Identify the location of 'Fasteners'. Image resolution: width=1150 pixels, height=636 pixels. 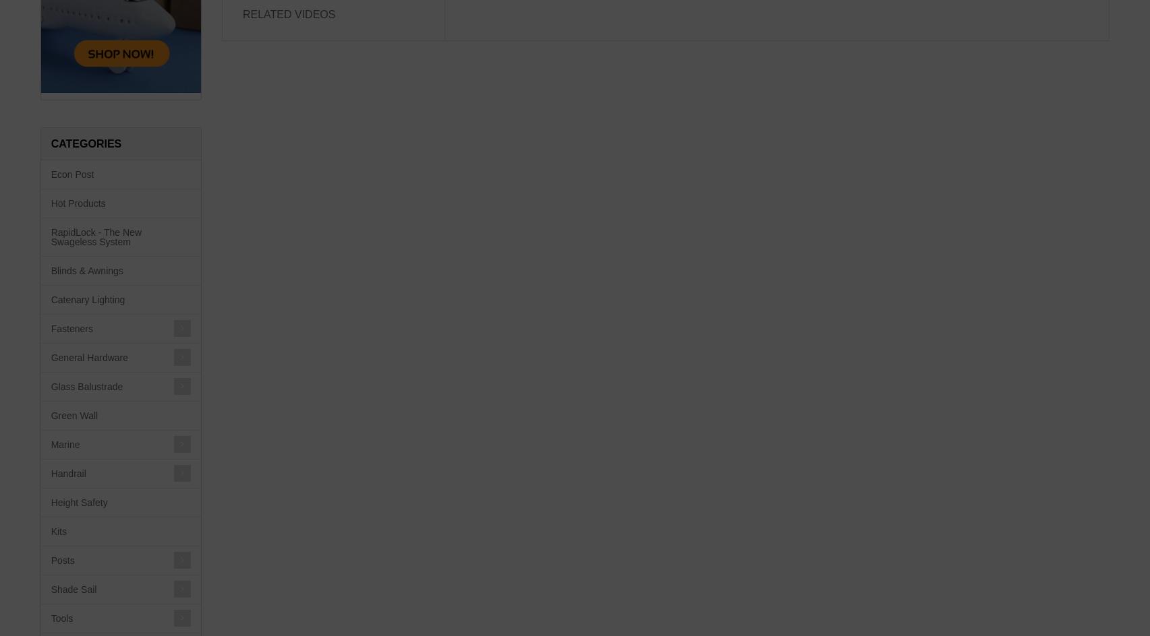
(71, 328).